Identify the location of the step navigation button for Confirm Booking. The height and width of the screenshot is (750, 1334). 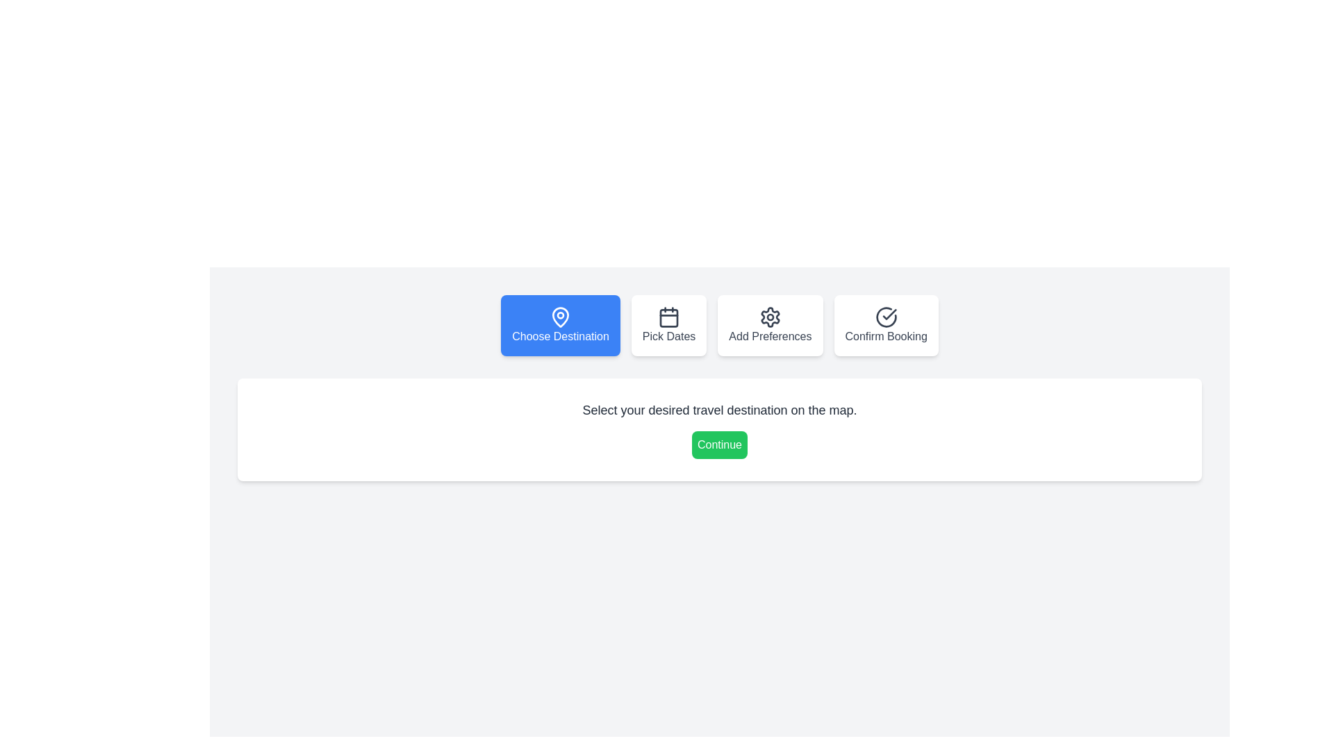
(886, 326).